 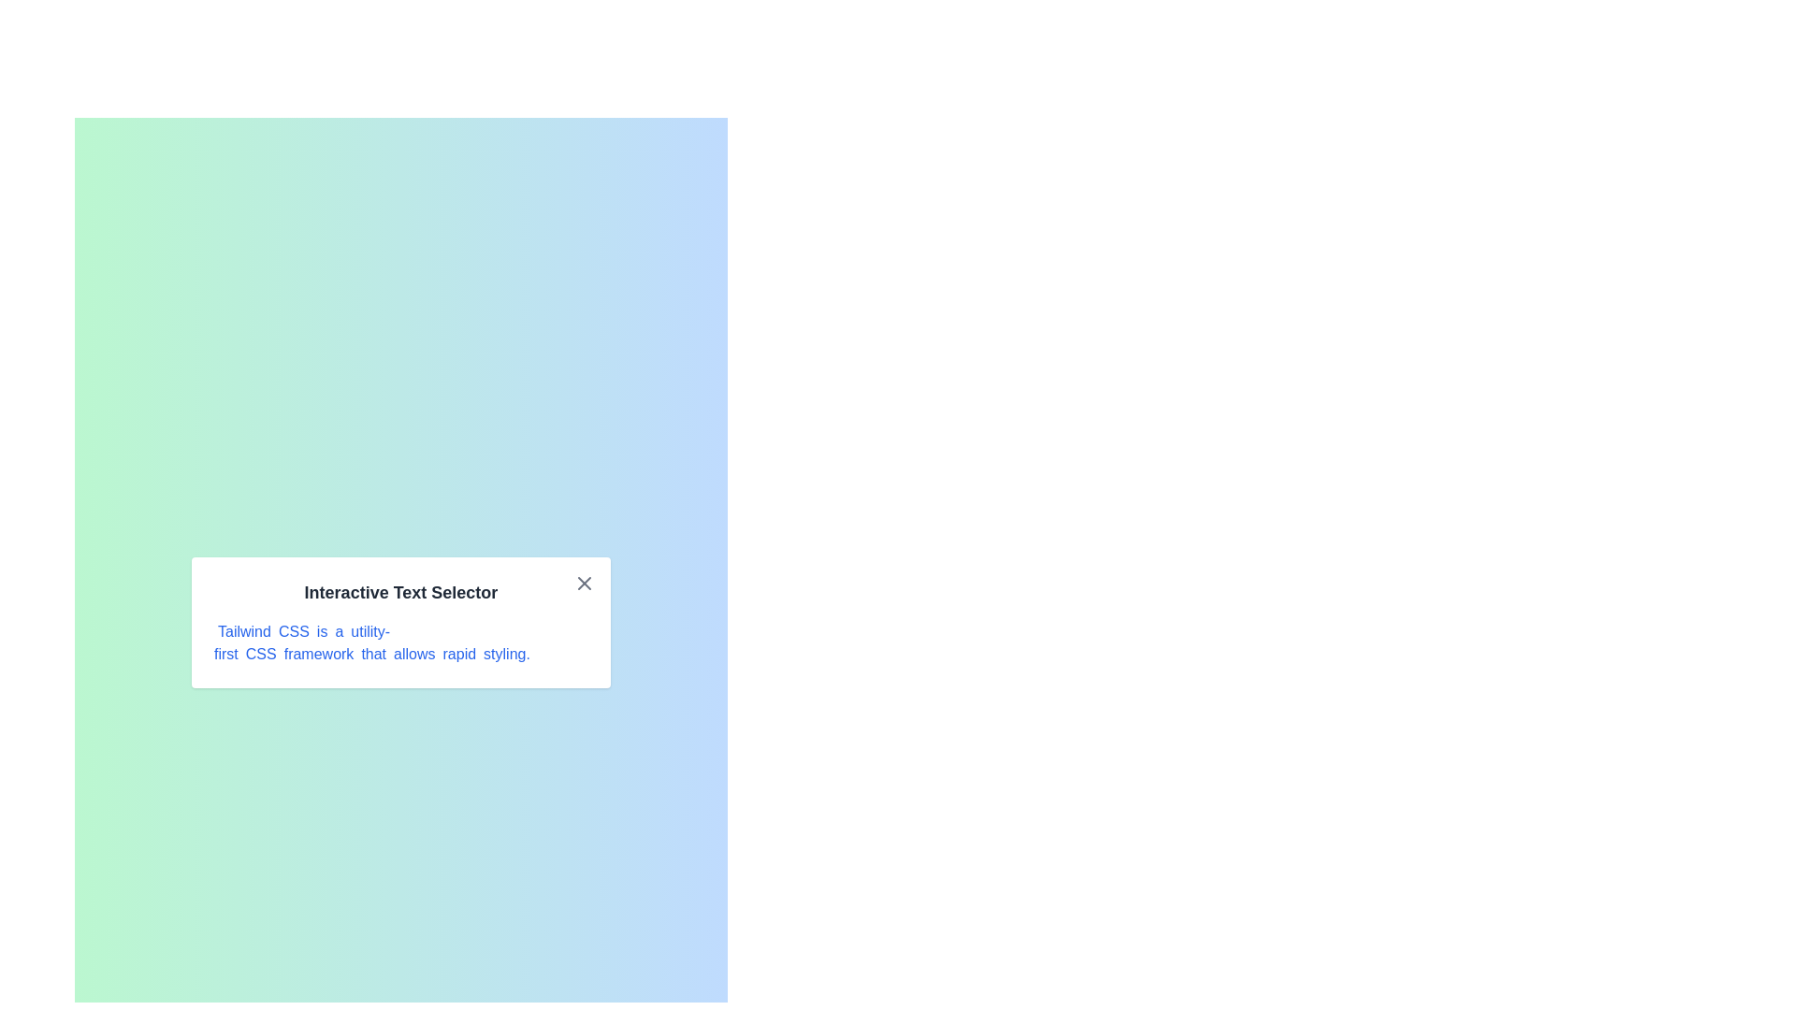 I want to click on the close button to close the dialog, so click(x=583, y=583).